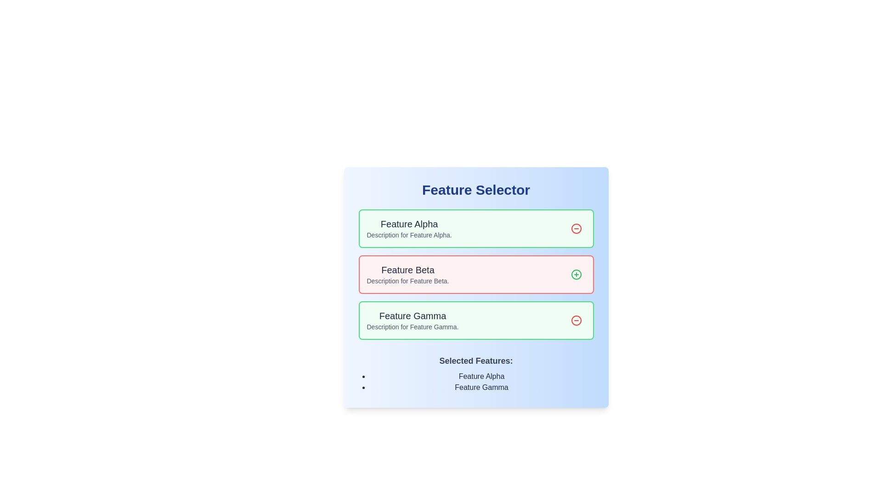 The width and height of the screenshot is (882, 496). Describe the element at coordinates (576, 274) in the screenshot. I see `the circular button with a green border and a green plus symbol (+) located` at that location.